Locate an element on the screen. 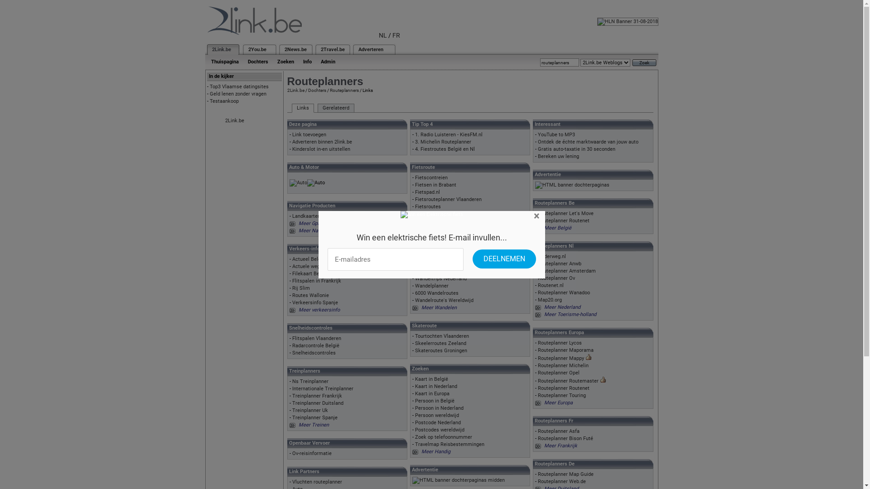 The image size is (870, 489). 'Link toevoegen' is located at coordinates (309, 134).